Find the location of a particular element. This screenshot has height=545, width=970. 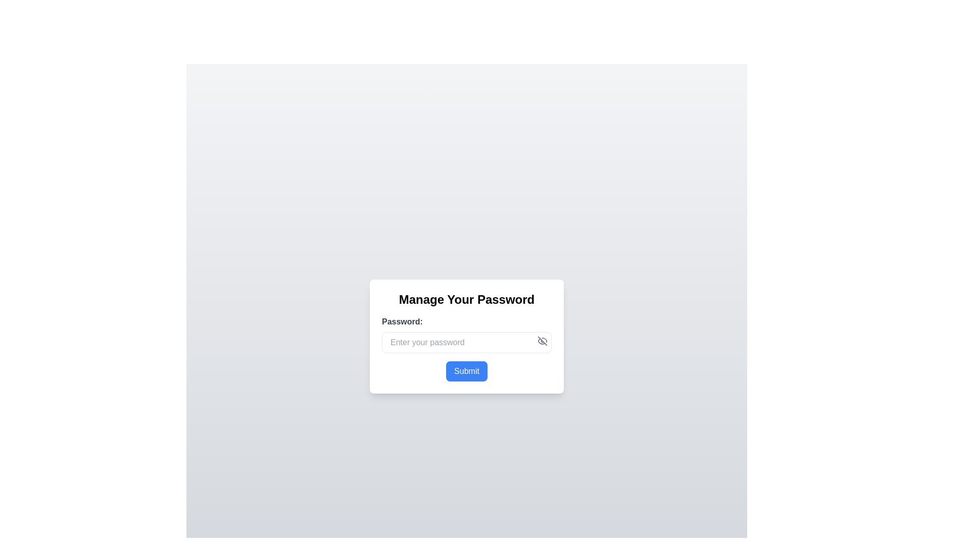

the eye-off icon button with a crossed-out eye design located to the top-right of the 'Enter your password' input field is located at coordinates (542, 341).